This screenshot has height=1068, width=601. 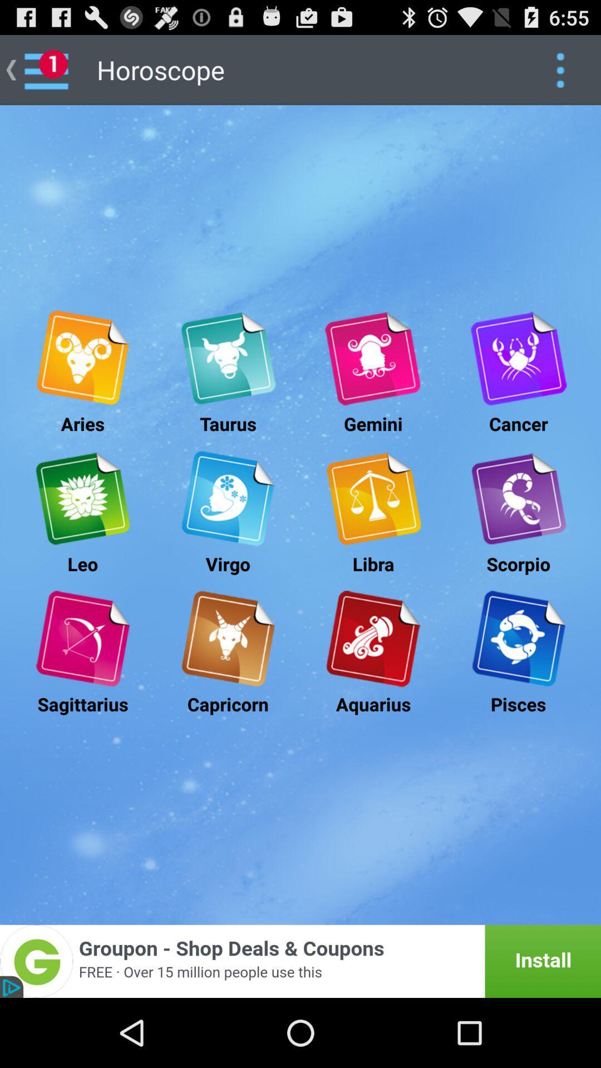 What do you see at coordinates (518, 639) in the screenshot?
I see `open pisces horoscope` at bounding box center [518, 639].